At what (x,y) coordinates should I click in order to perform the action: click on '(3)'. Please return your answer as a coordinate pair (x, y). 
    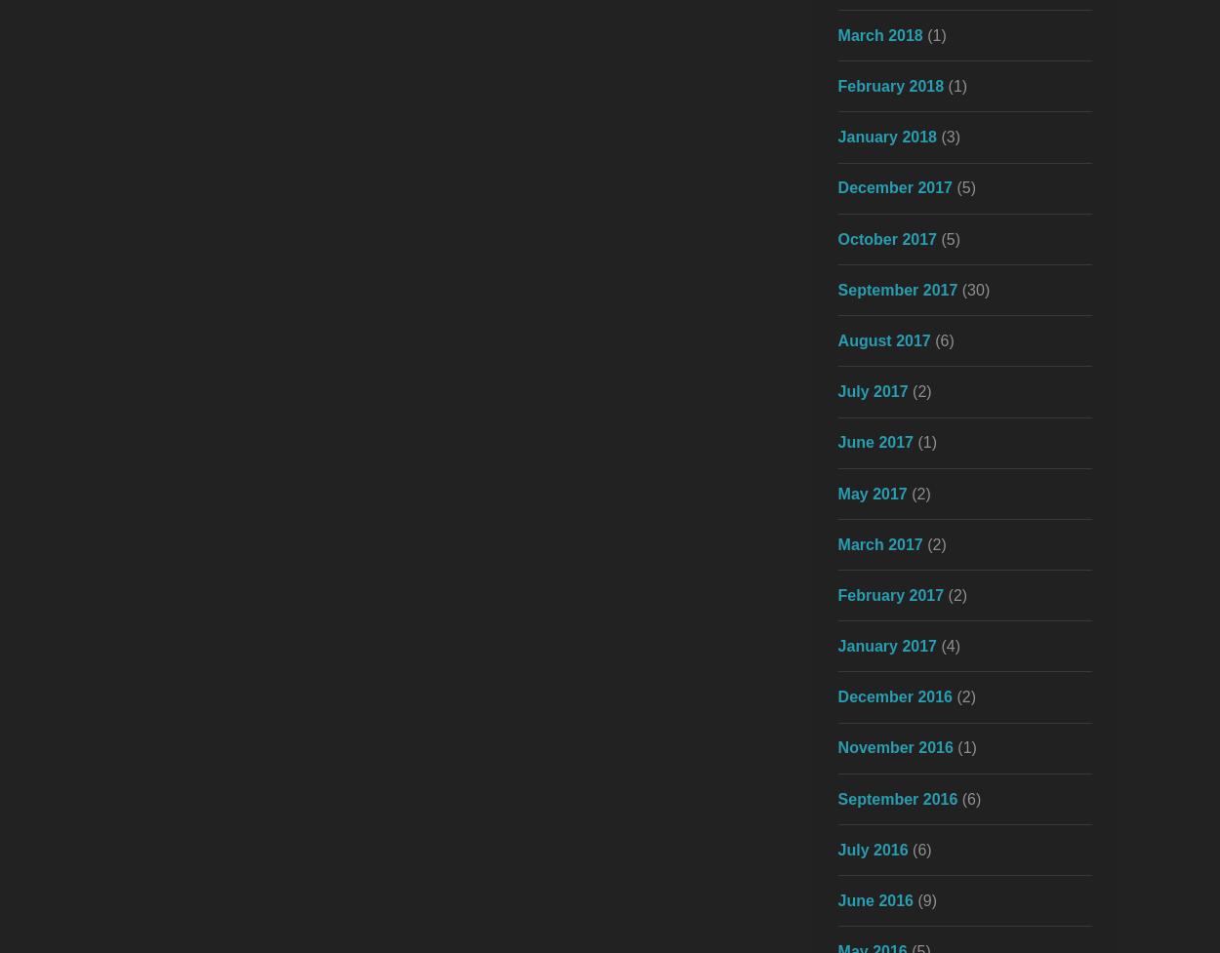
    Looking at the image, I should click on (948, 137).